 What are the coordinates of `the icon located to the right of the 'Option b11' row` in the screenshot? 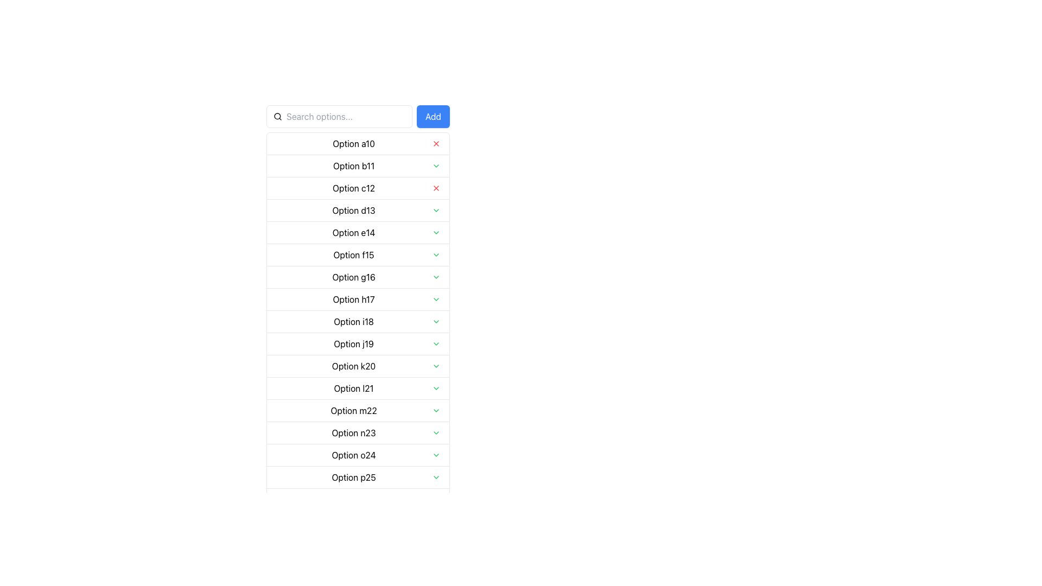 It's located at (436, 165).